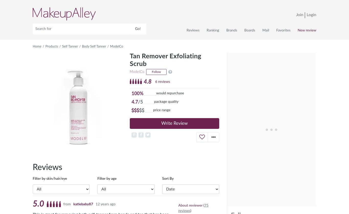 This screenshot has width=349, height=214. Describe the element at coordinates (140, 102) in the screenshot. I see `'/5'` at that location.